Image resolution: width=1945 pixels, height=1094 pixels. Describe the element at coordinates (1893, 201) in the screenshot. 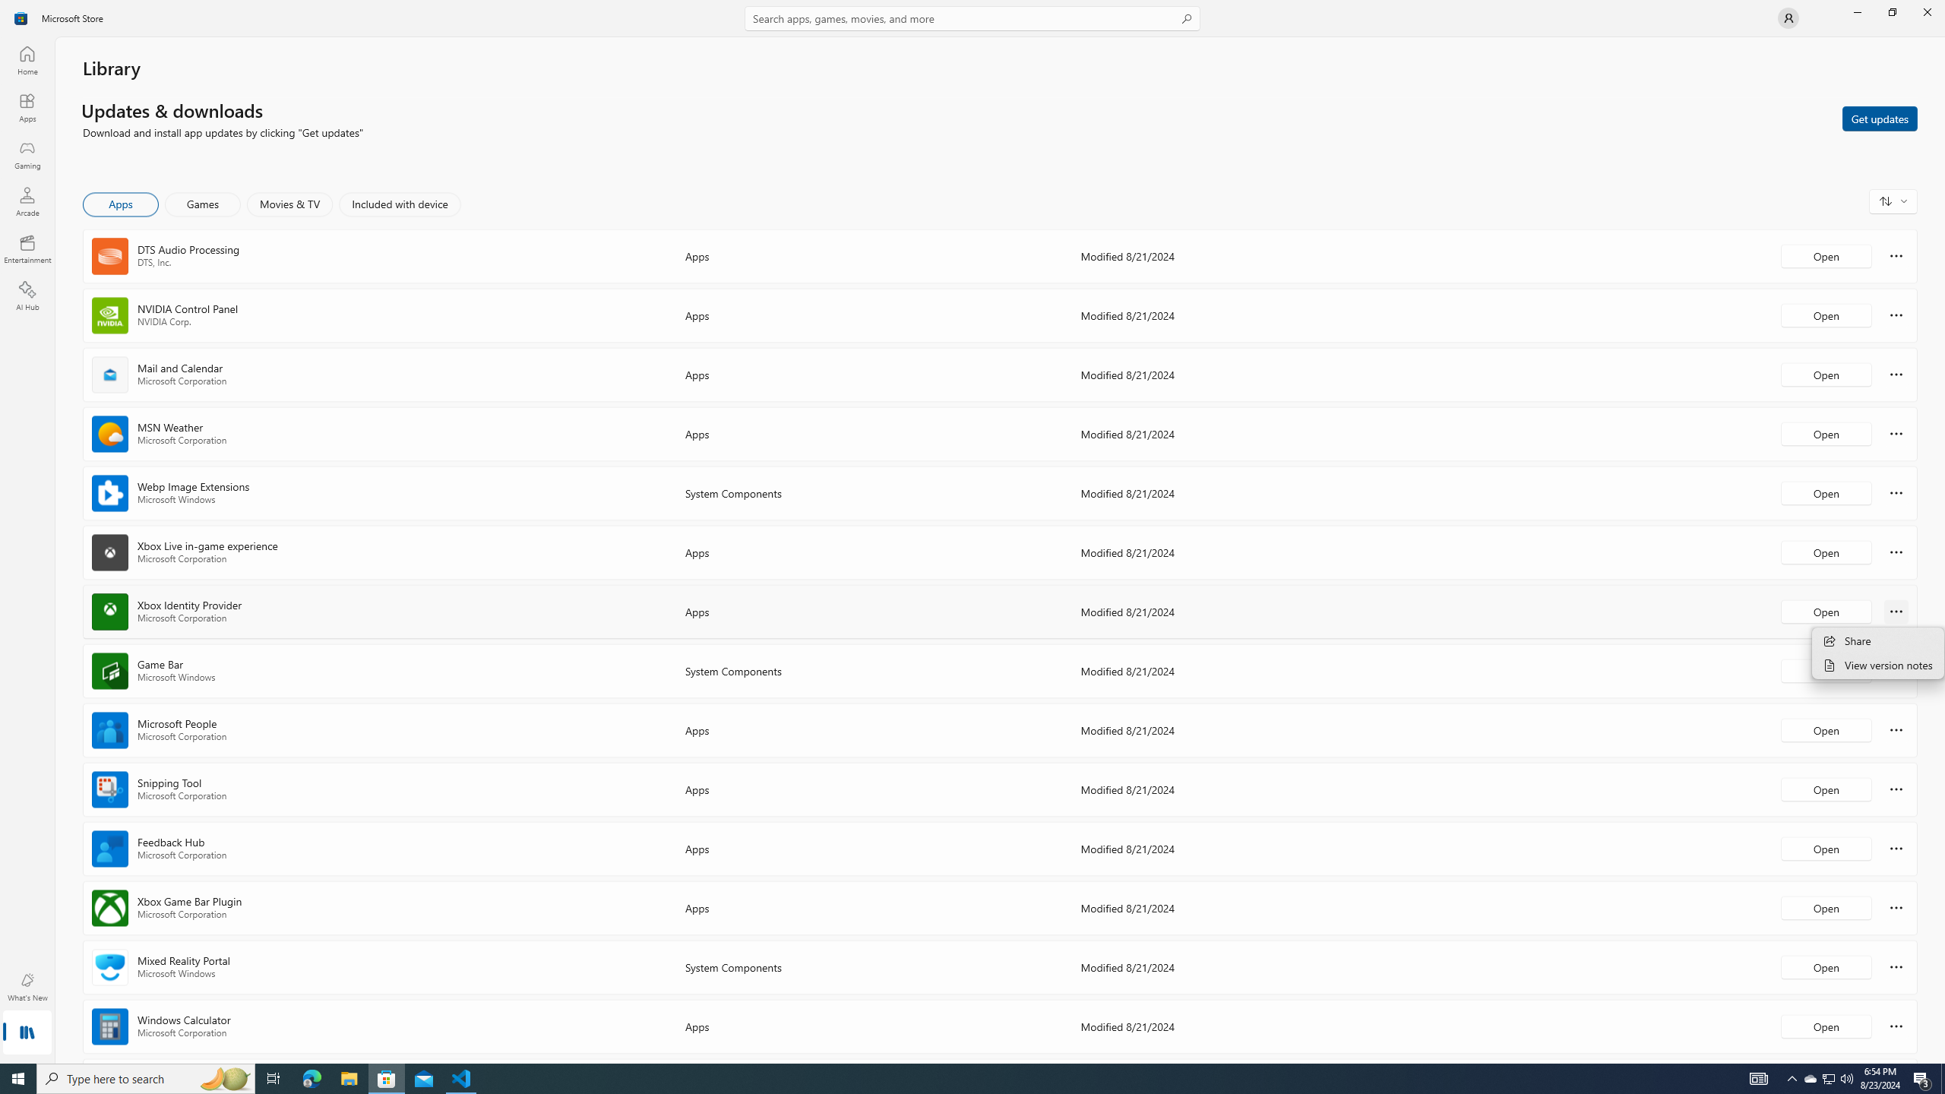

I see `'Sort and filter'` at that location.